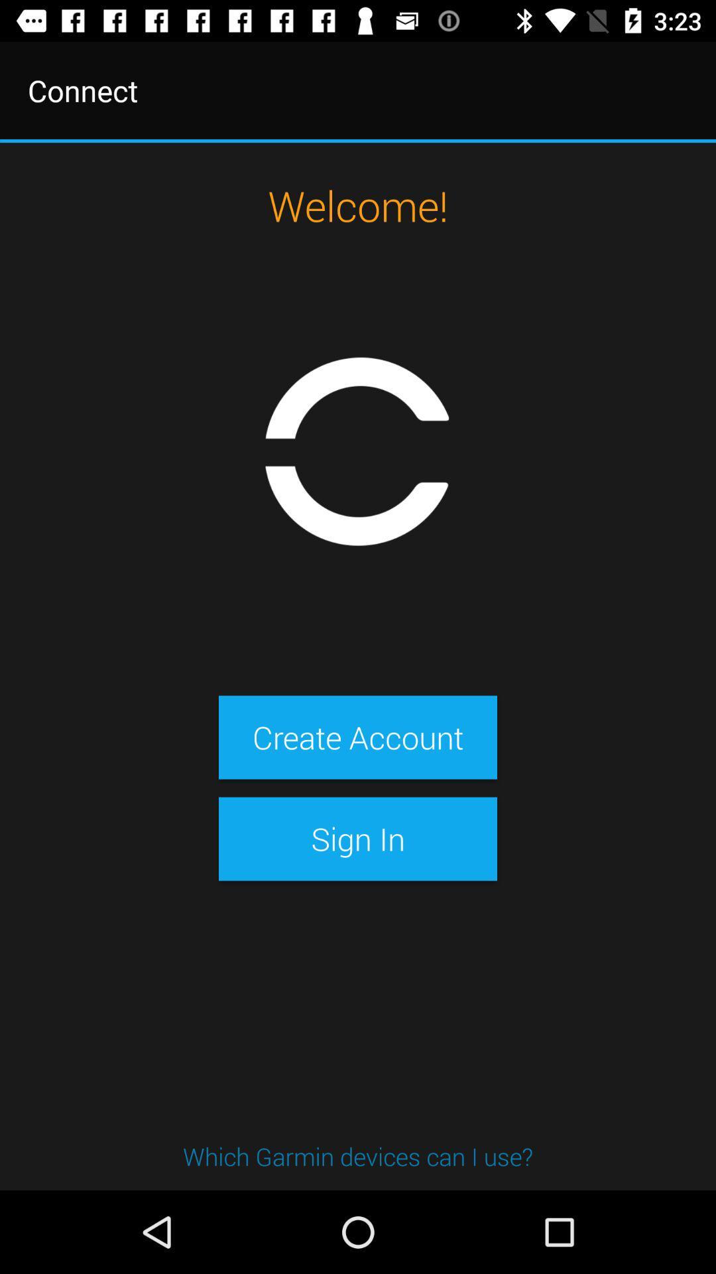  I want to click on which garmin devices, so click(358, 1155).